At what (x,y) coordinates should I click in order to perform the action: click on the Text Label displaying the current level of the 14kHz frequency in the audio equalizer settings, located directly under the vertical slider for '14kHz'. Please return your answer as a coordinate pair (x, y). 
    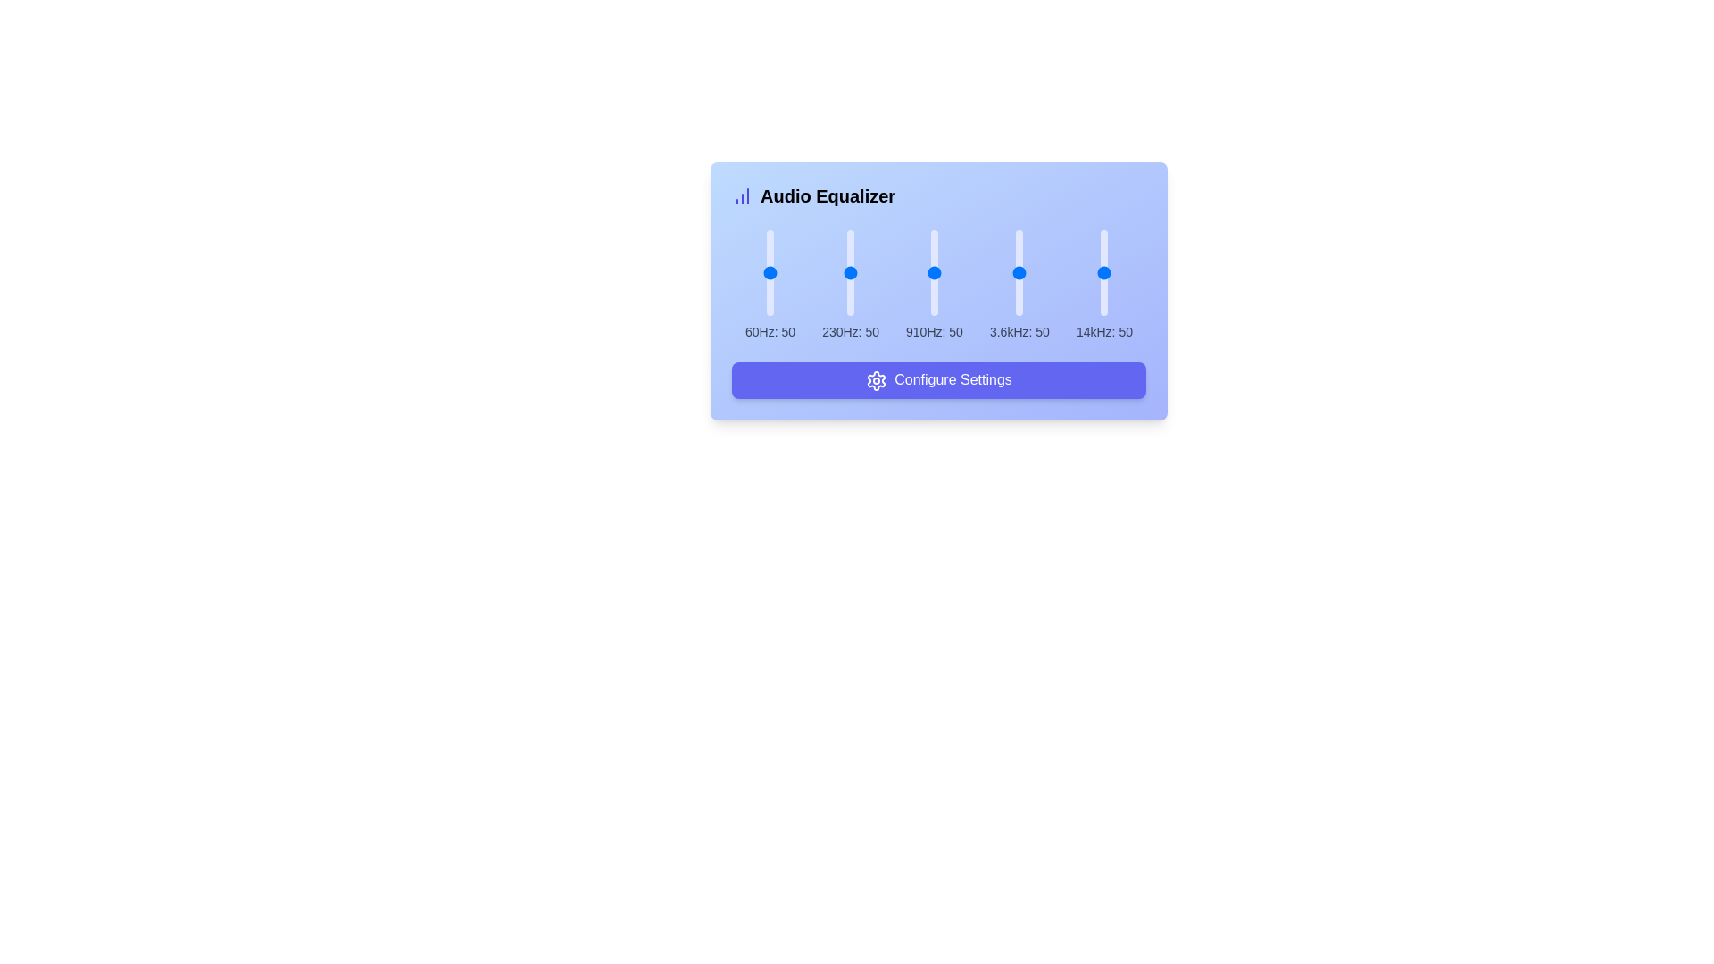
    Looking at the image, I should click on (1103, 331).